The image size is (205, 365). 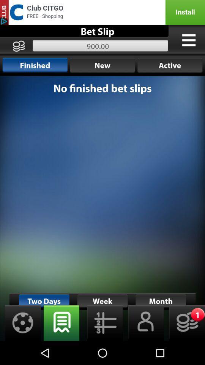 I want to click on the chat icon, so click(x=61, y=346).